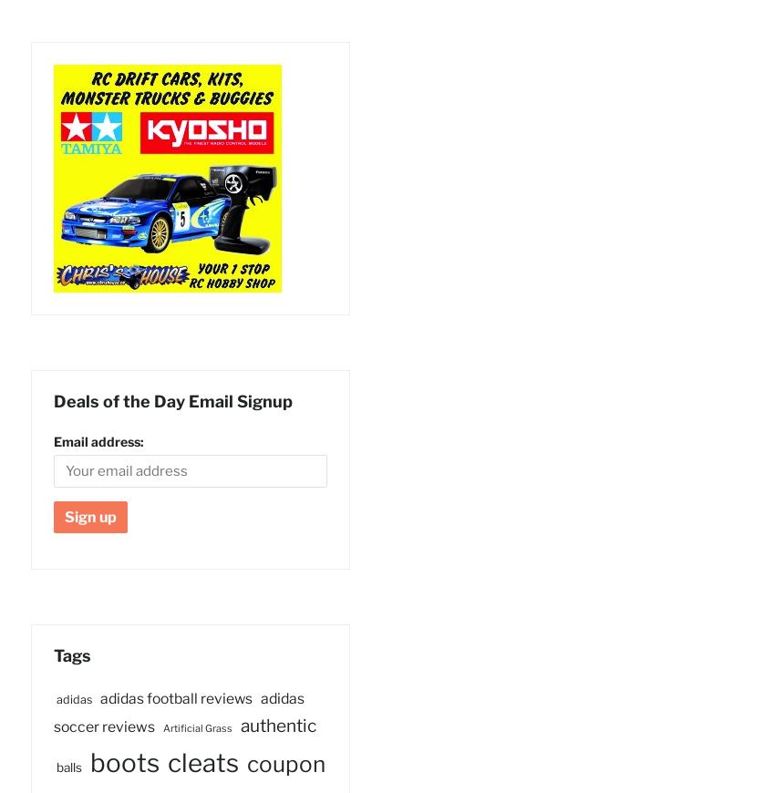 The image size is (775, 793). Describe the element at coordinates (125, 761) in the screenshot. I see `'boots'` at that location.